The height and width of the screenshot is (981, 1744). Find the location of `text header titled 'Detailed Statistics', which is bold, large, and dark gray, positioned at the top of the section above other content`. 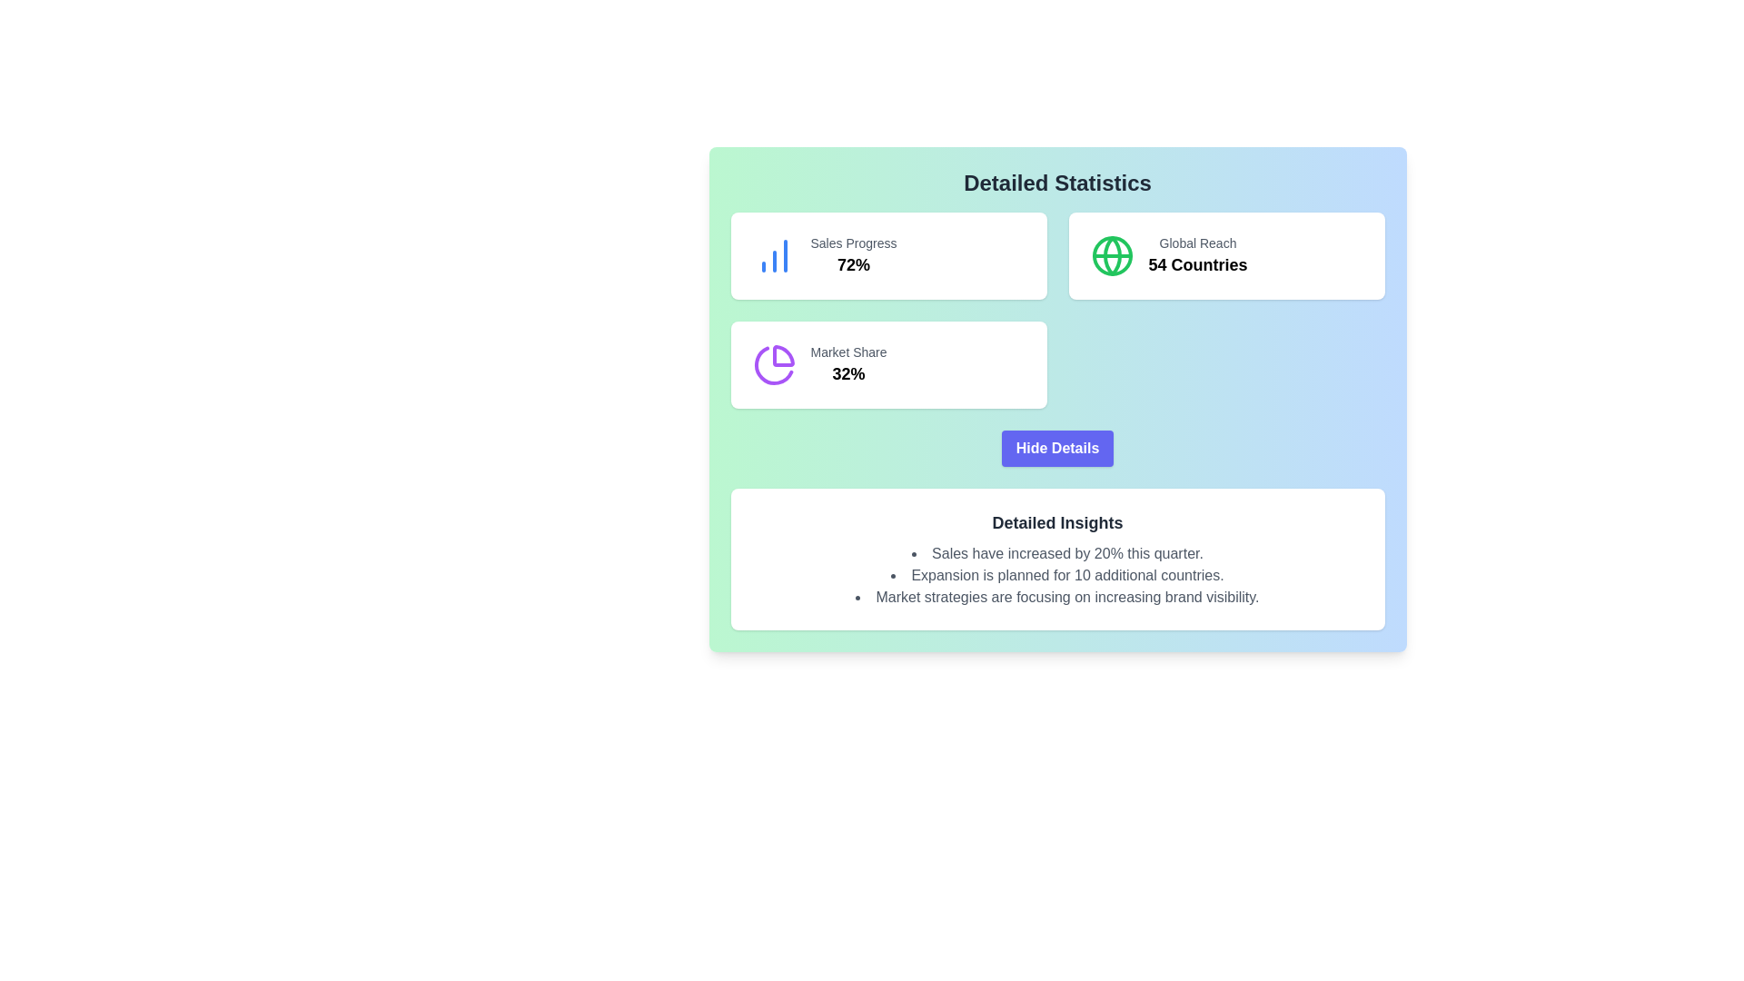

text header titled 'Detailed Statistics', which is bold, large, and dark gray, positioned at the top of the section above other content is located at coordinates (1057, 183).